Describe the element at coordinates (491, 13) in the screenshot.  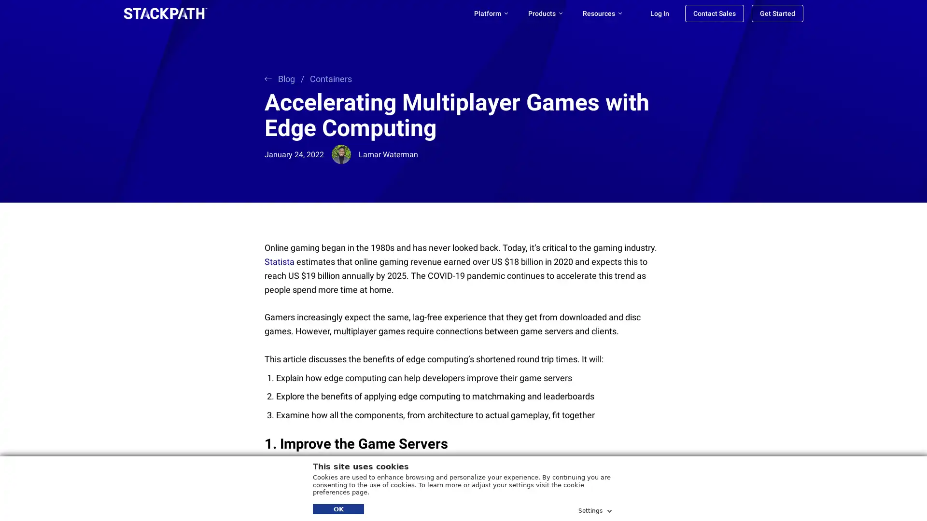
I see `Platform` at that location.